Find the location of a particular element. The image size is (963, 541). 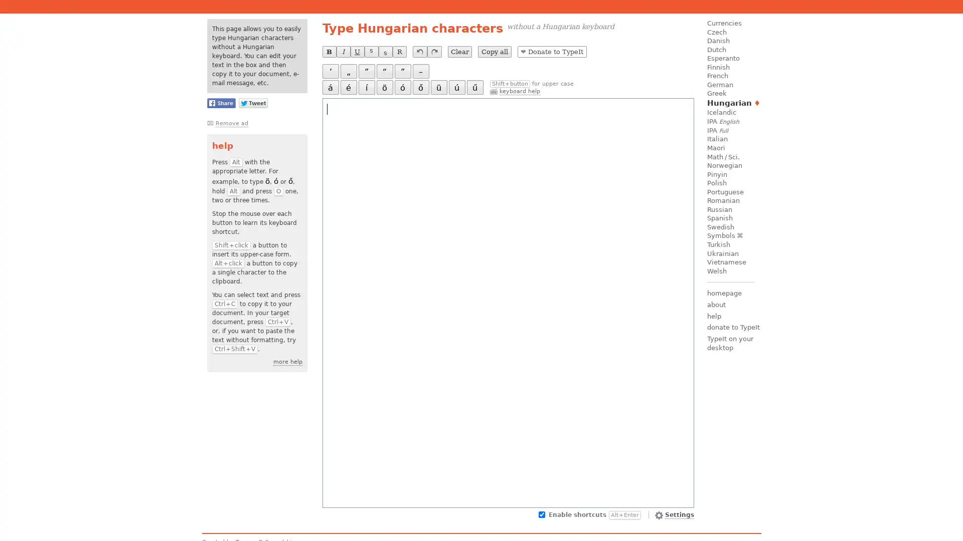

o is located at coordinates (384, 87).